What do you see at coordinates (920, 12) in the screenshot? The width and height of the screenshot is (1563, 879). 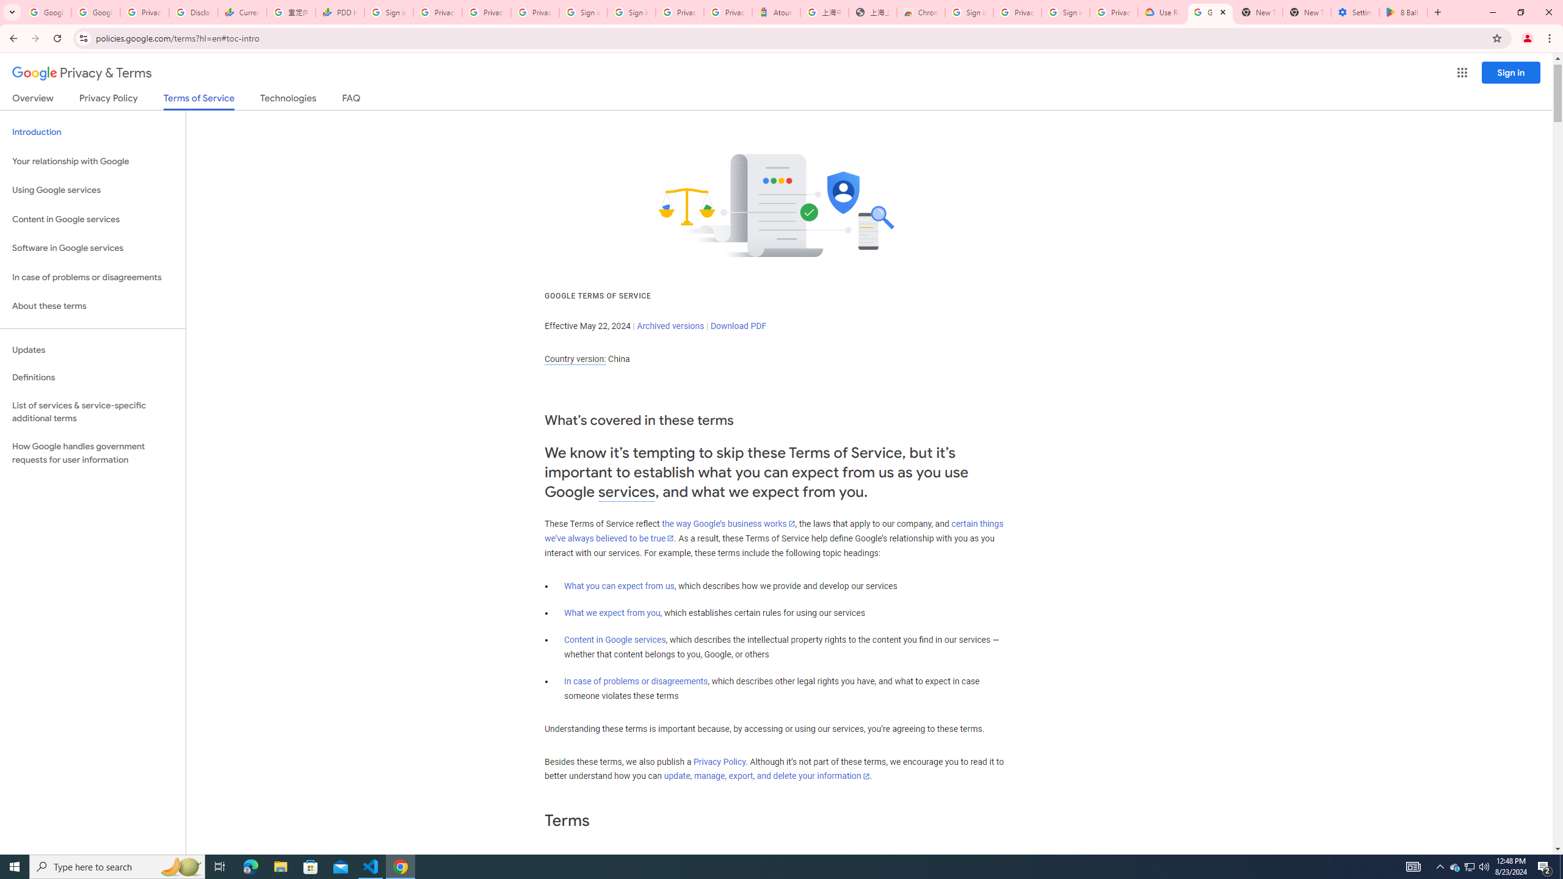 I see `'Chrome Web Store - Color themes by Chrome'` at bounding box center [920, 12].